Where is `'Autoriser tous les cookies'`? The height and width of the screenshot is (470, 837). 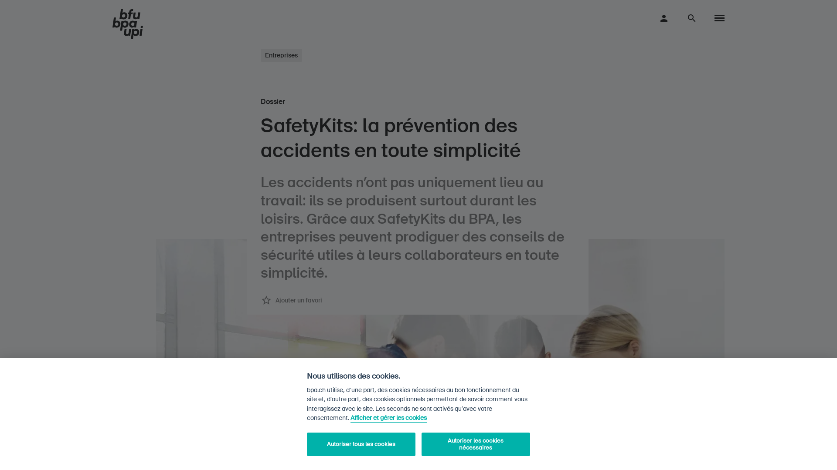 'Autoriser tous les cookies' is located at coordinates (361, 444).